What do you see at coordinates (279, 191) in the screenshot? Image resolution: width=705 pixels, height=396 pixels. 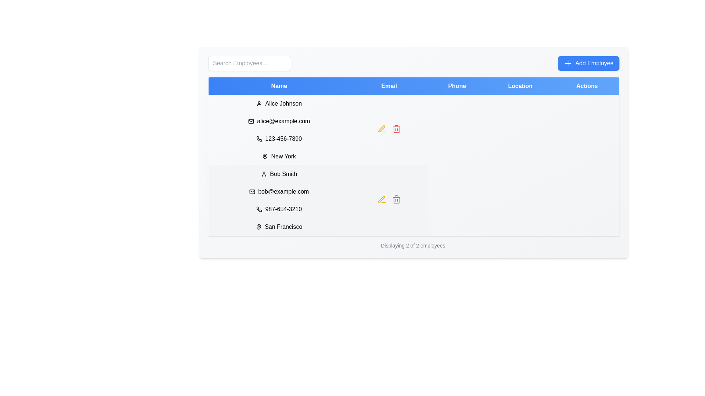 I see `the email address display for the employee 'Bob Smith', located in the 'Email' column of the second row in the employee information table` at bounding box center [279, 191].